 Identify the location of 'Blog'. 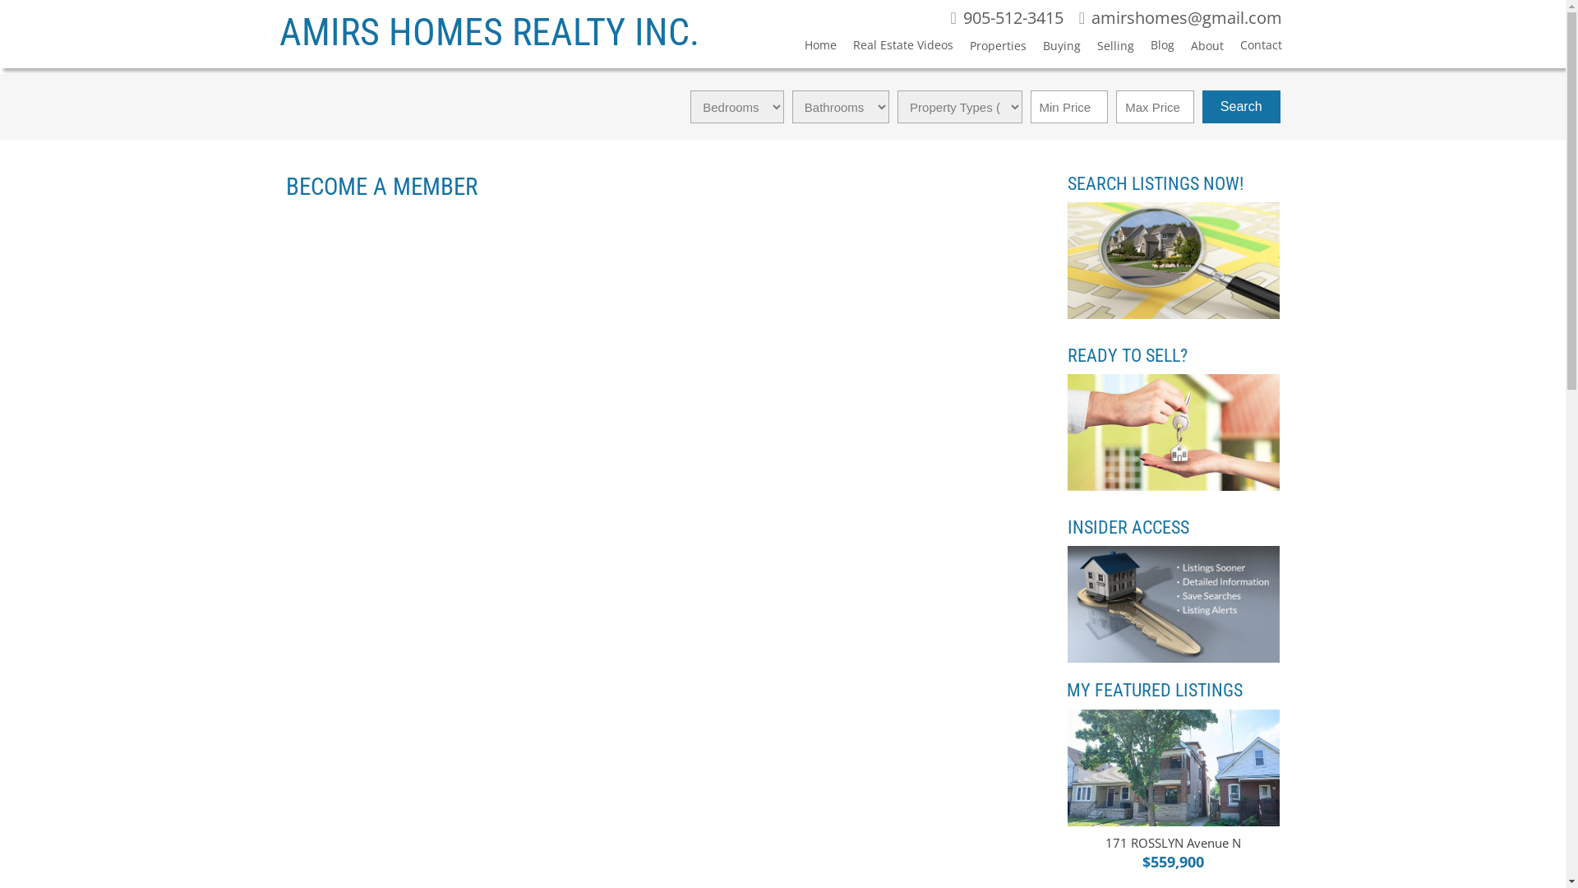
(1153, 47).